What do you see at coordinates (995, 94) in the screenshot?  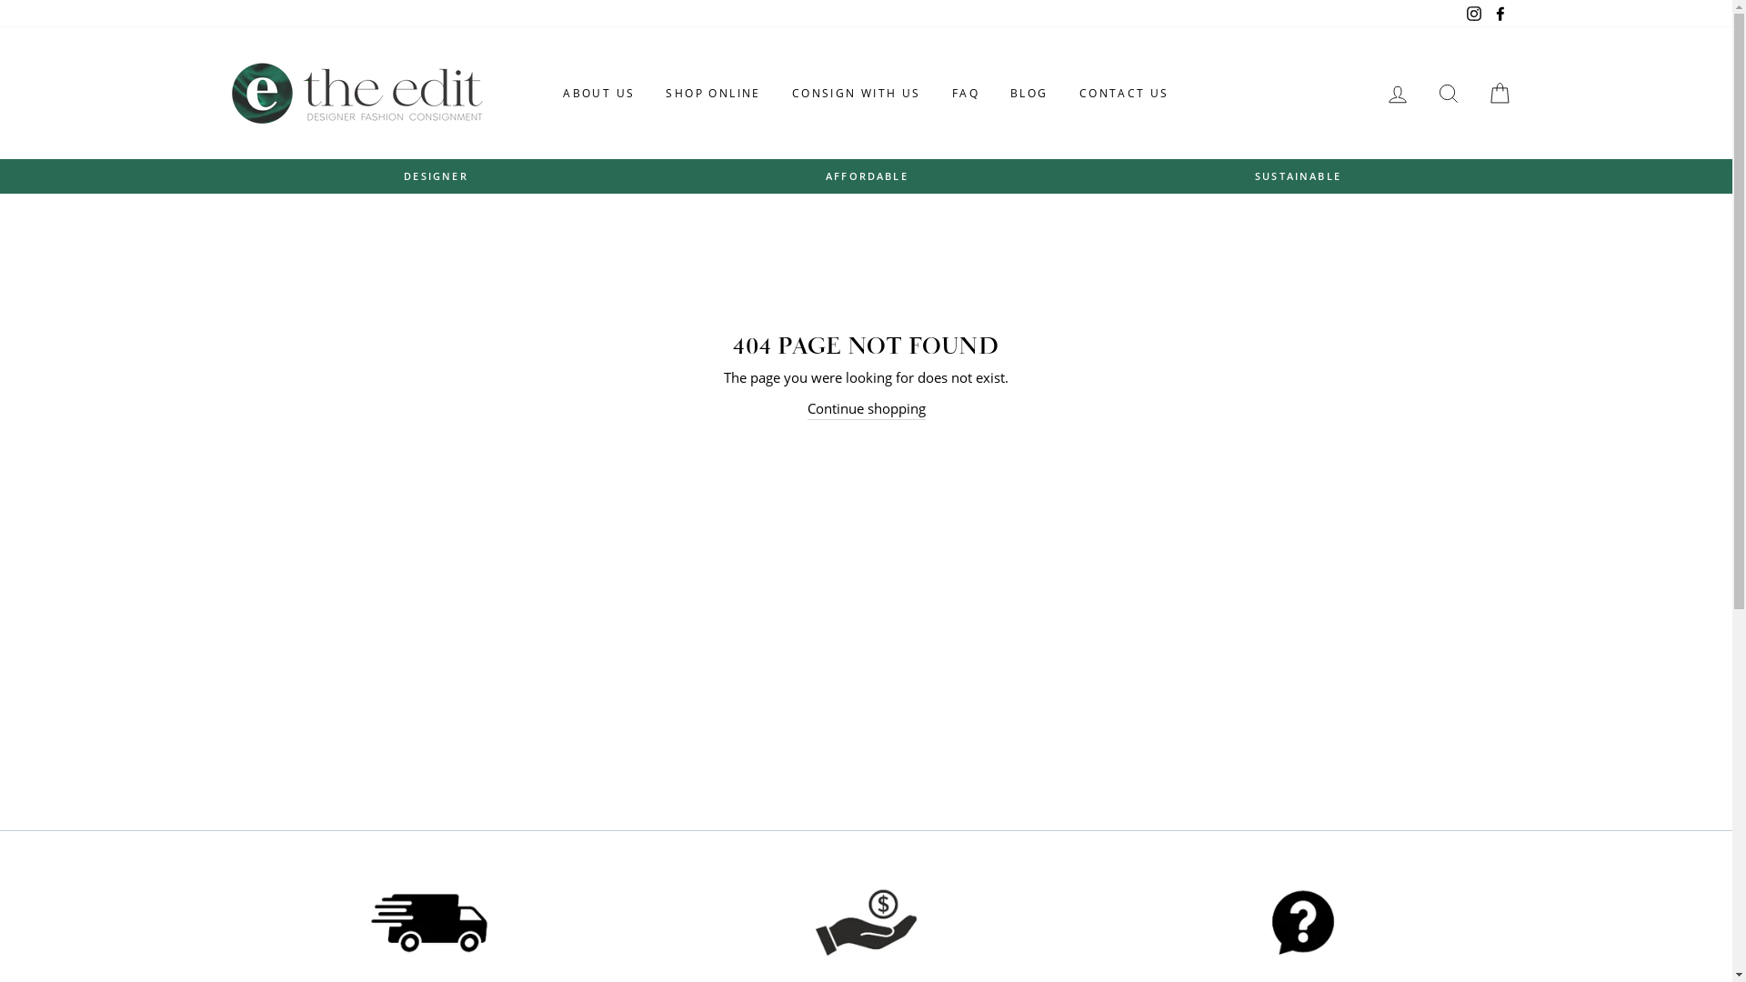 I see `'BLOG'` at bounding box center [995, 94].